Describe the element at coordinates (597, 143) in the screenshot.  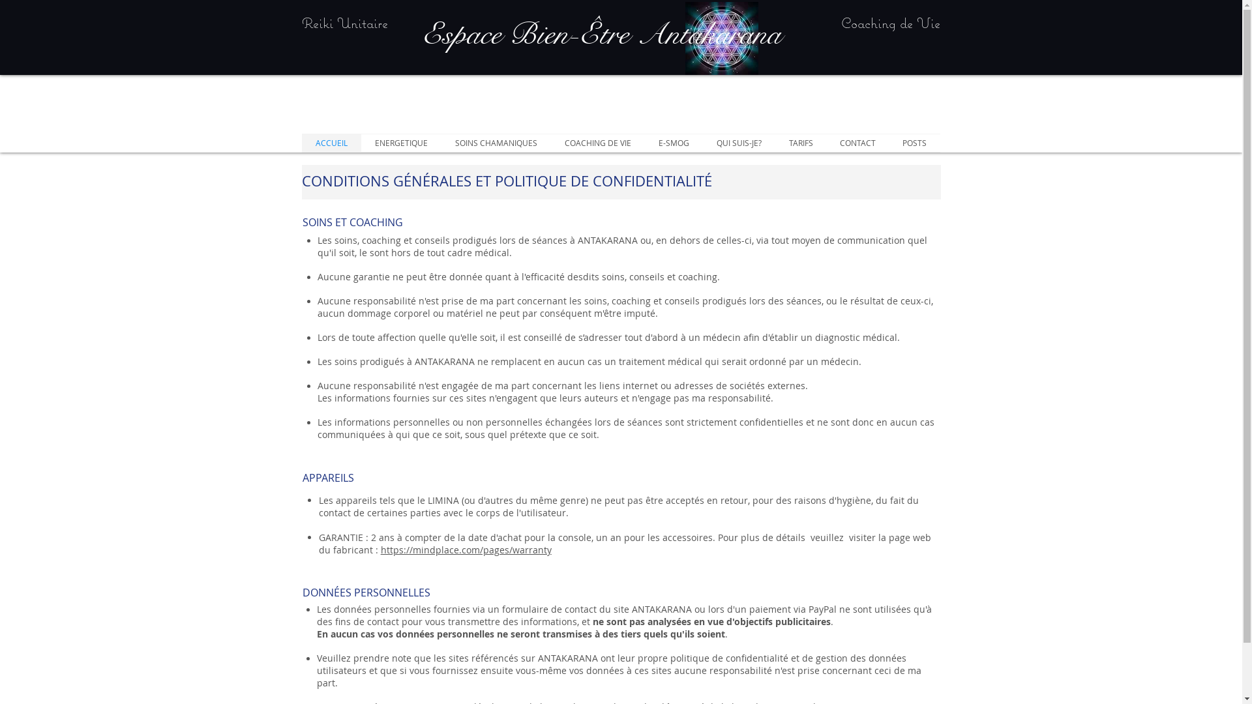
I see `'COACHING DE VIE'` at that location.